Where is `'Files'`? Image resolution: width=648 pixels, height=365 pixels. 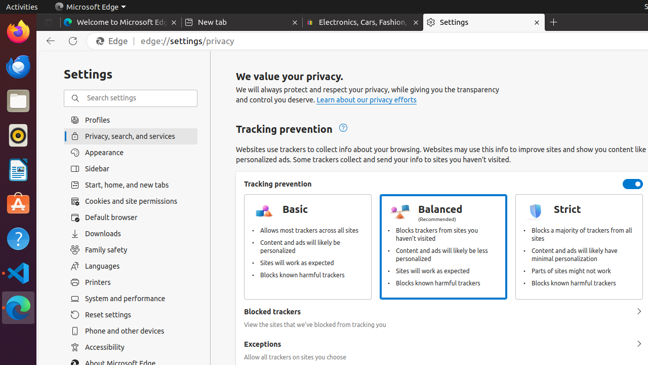 'Files' is located at coordinates (18, 101).